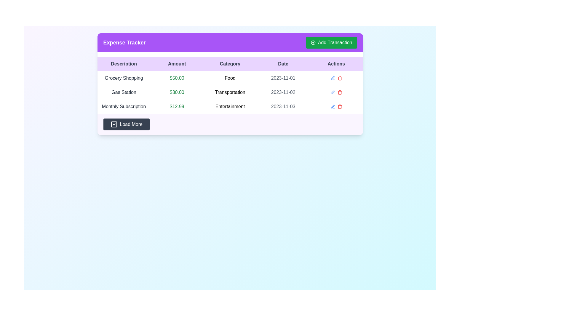 The width and height of the screenshot is (569, 320). What do you see at coordinates (177, 78) in the screenshot?
I see `the green-colored static text displaying '$50.00' in the 'Amount' column of the first row for the 'Grocery Shopping' entry` at bounding box center [177, 78].